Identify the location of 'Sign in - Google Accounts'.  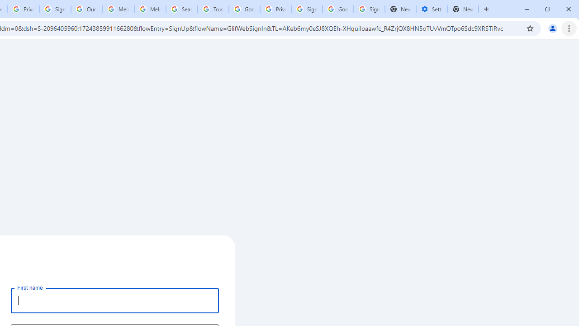
(307, 9).